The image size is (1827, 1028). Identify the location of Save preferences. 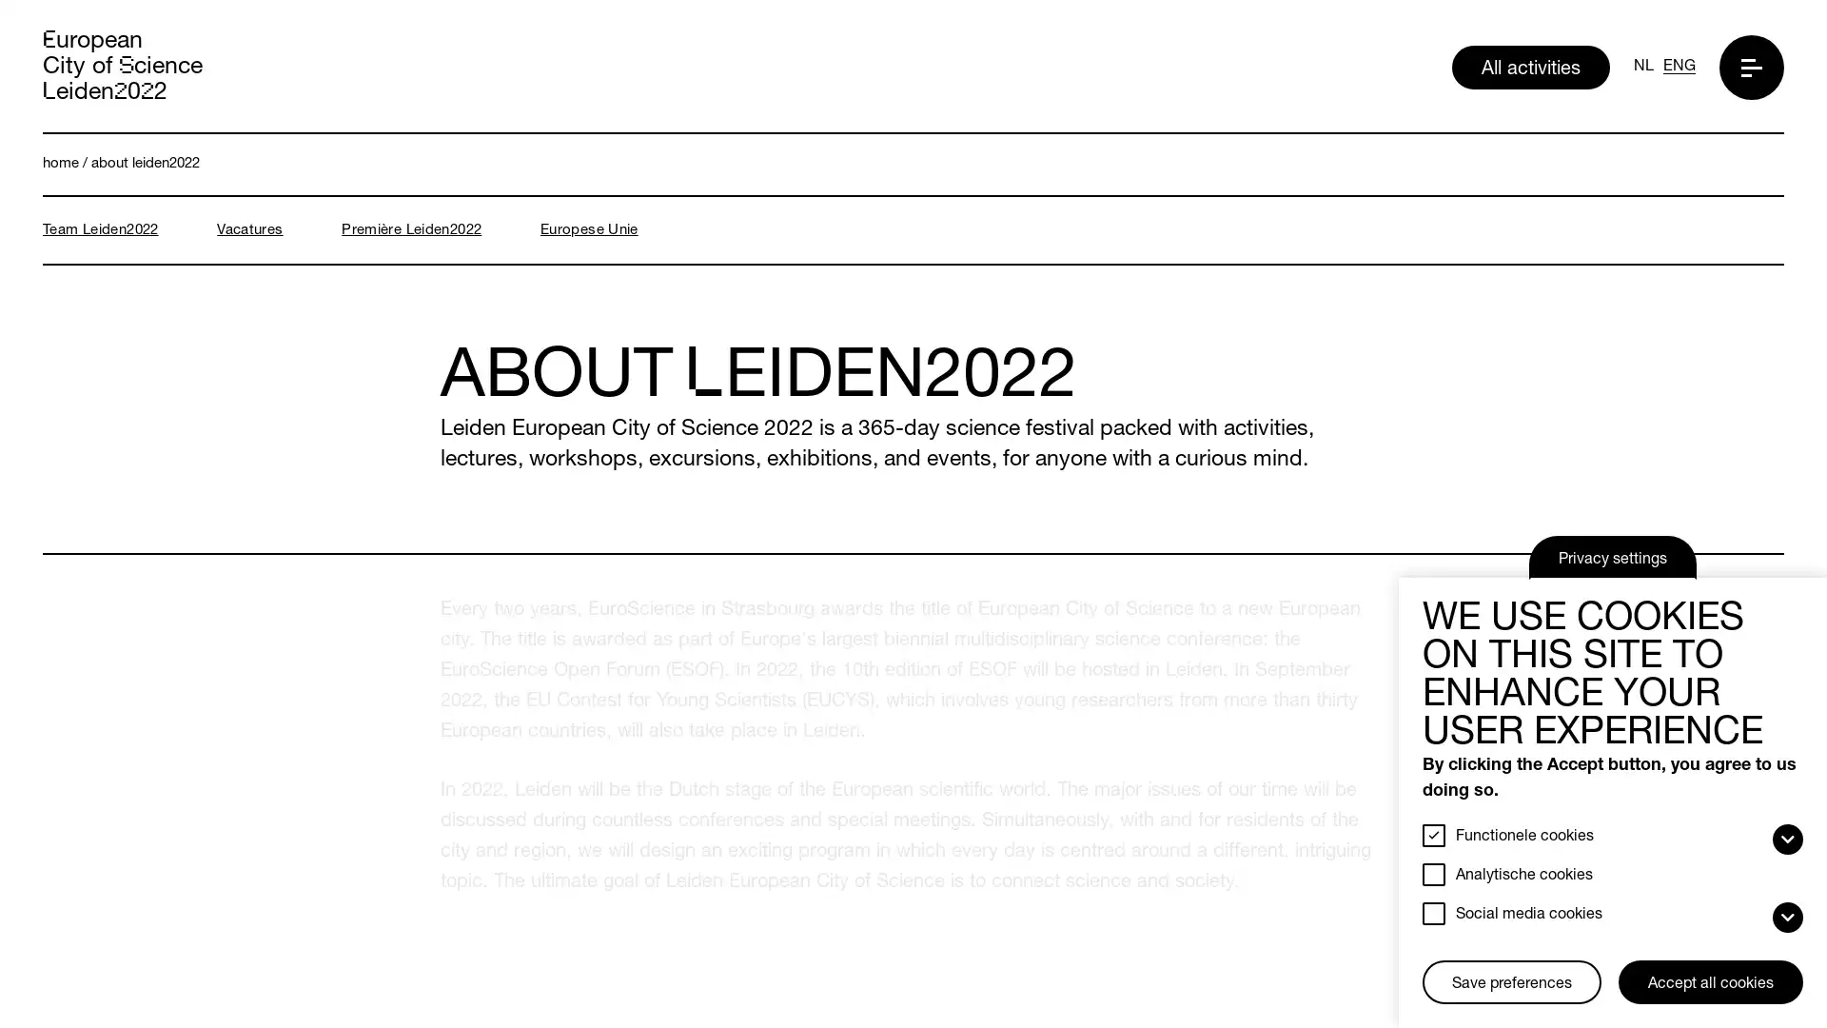
(1510, 982).